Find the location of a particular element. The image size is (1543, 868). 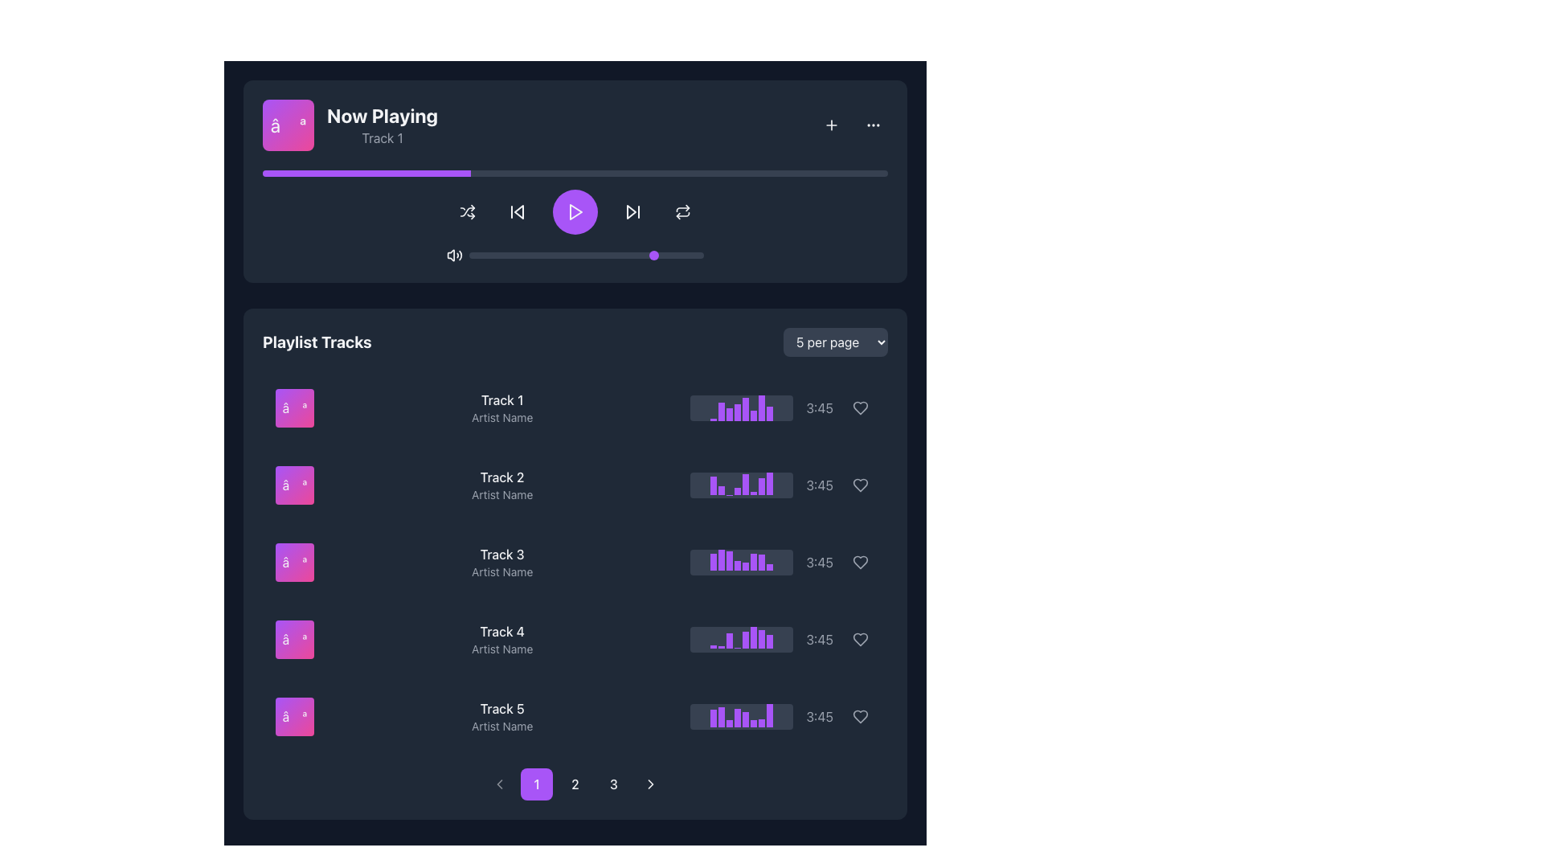

the button in the top-right corner of the 'Now Playing' section is located at coordinates (832, 124).